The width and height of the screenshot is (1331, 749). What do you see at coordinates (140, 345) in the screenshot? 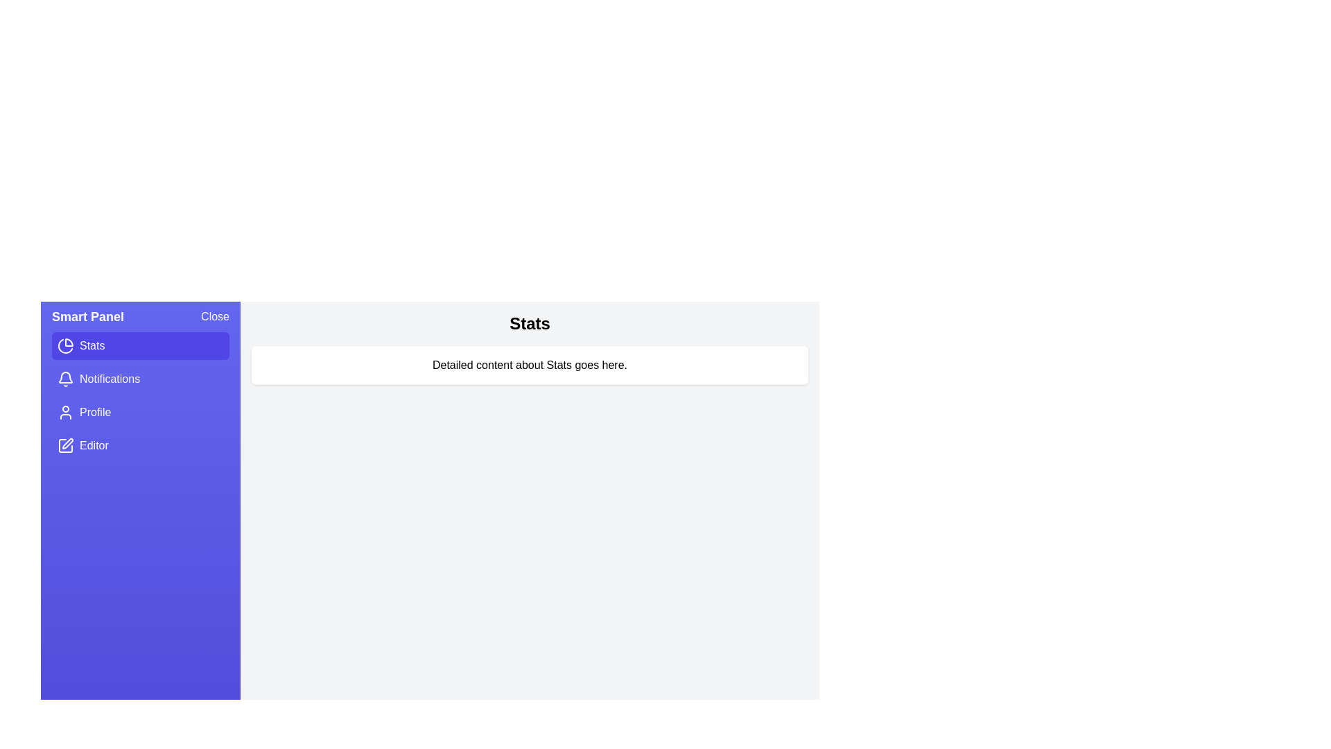
I see `the Stats section in the menu` at bounding box center [140, 345].